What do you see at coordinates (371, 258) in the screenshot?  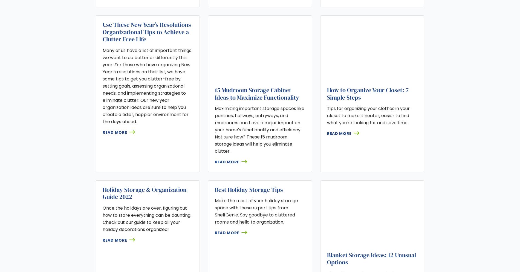 I see `'Blanket Storage Ideas: 12 Unusual Options'` at bounding box center [371, 258].